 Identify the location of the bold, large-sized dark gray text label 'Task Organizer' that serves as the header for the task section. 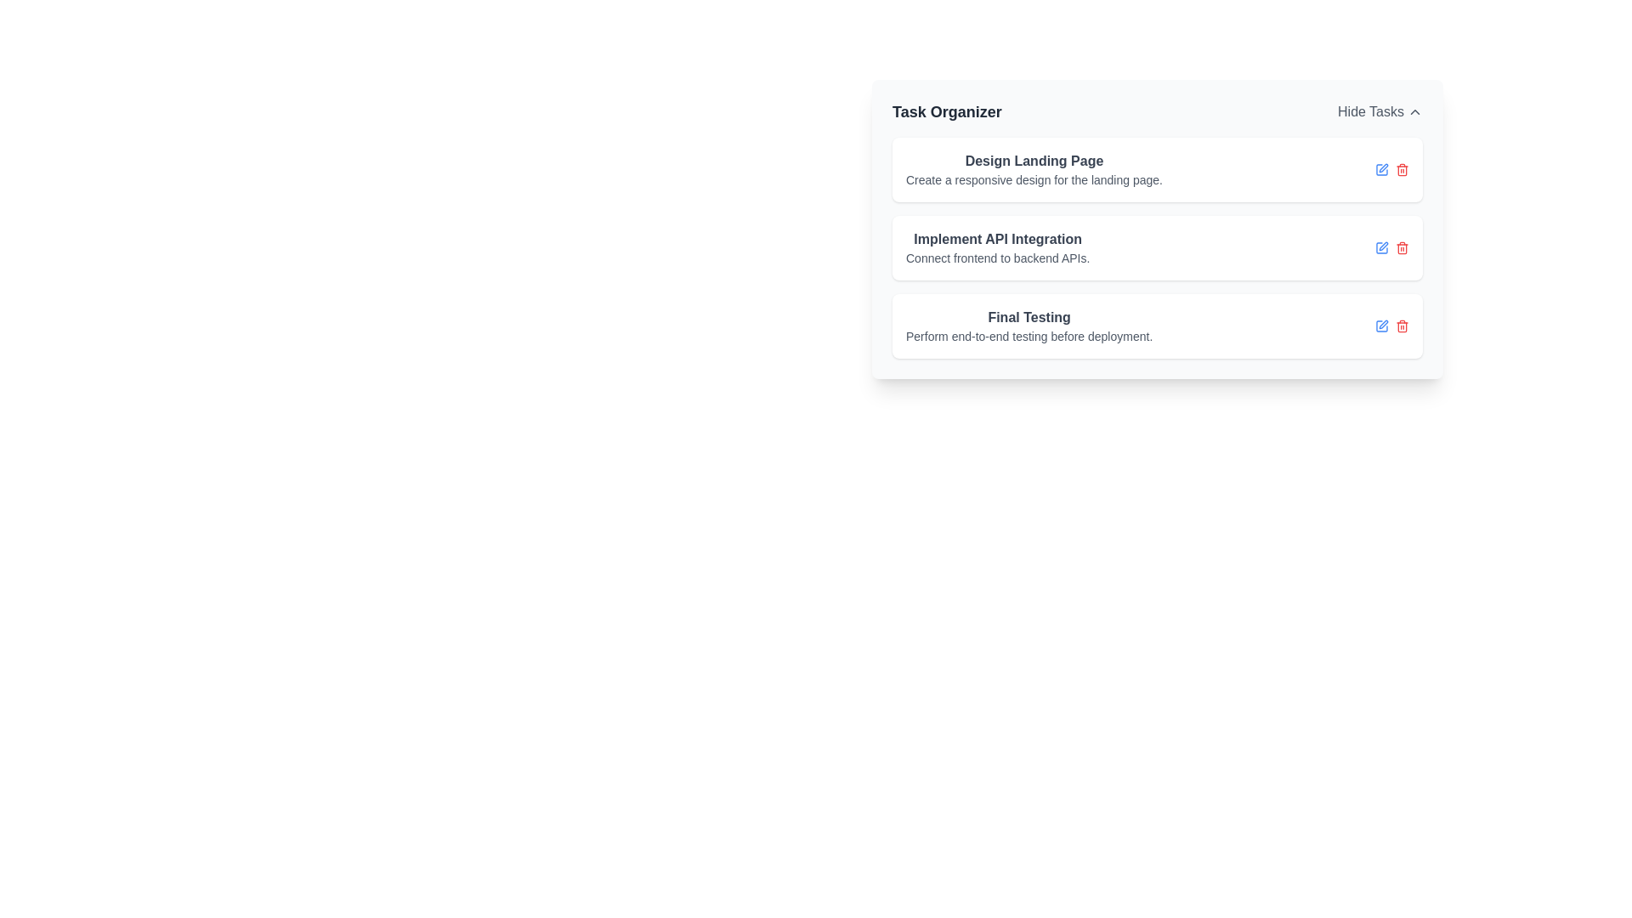
(946, 111).